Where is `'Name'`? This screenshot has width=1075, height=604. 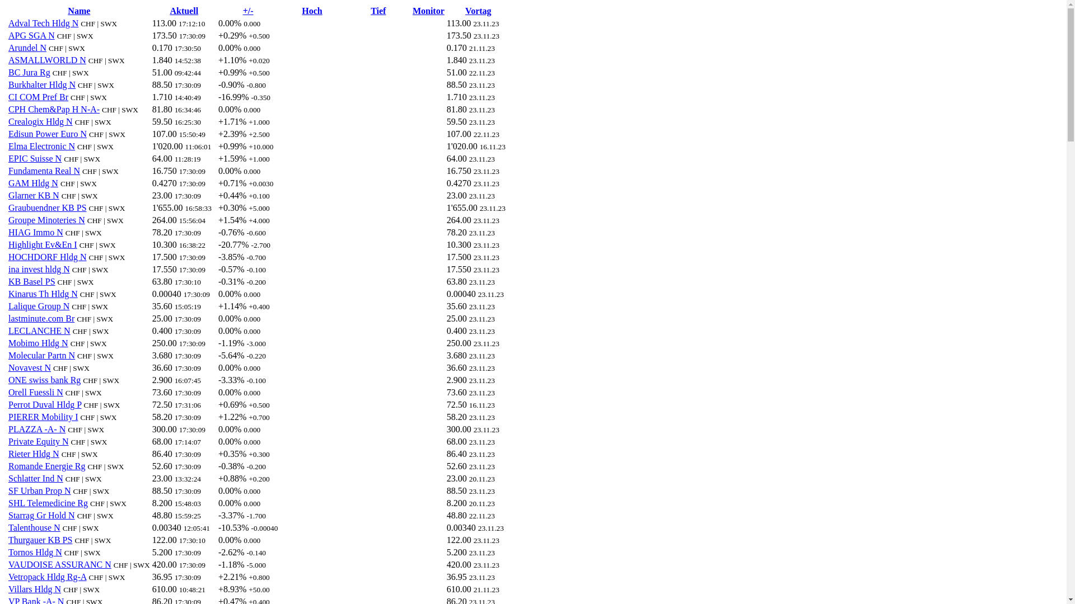 'Name' is located at coordinates (78, 11).